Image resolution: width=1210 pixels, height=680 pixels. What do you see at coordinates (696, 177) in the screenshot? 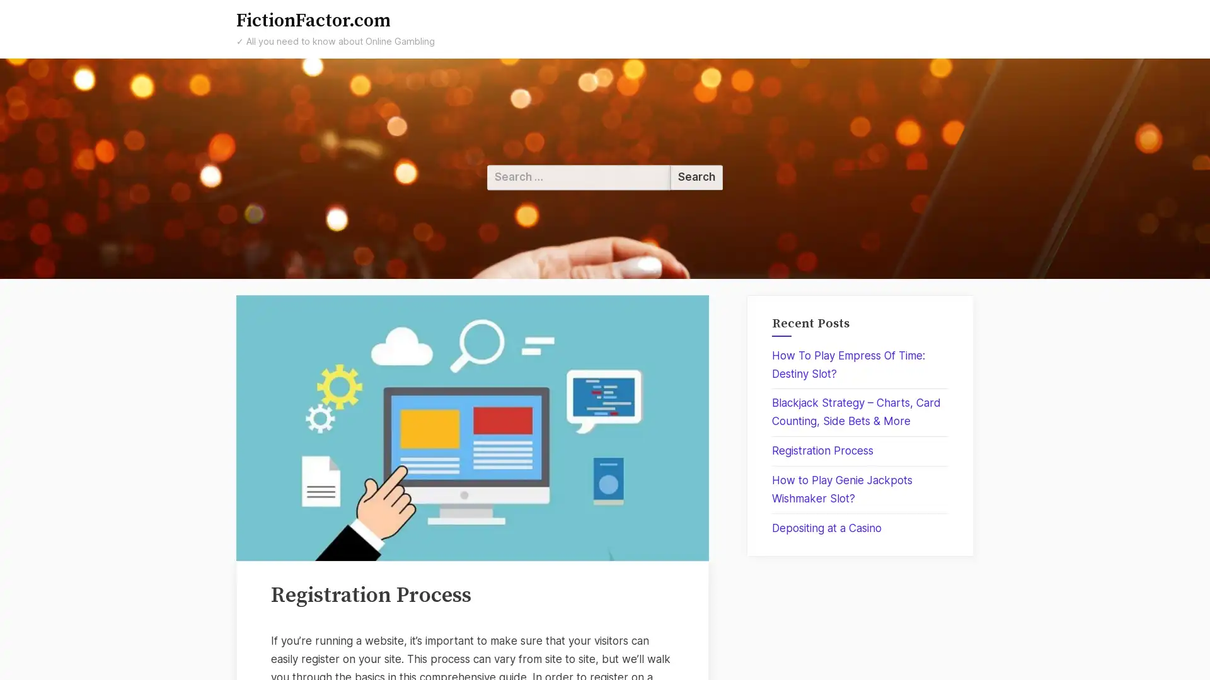
I see `Search` at bounding box center [696, 177].